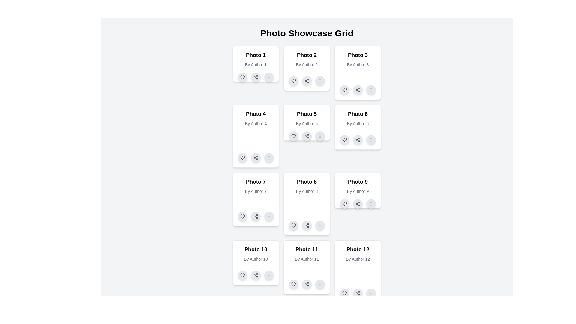 Image resolution: width=576 pixels, height=324 pixels. Describe the element at coordinates (269, 157) in the screenshot. I see `the vertical ellipsis icon button, which is the last icon in the row of interaction buttons below the 'Photo 4 by Author 4' card in the 'Photo Showcase Grid'` at that location.